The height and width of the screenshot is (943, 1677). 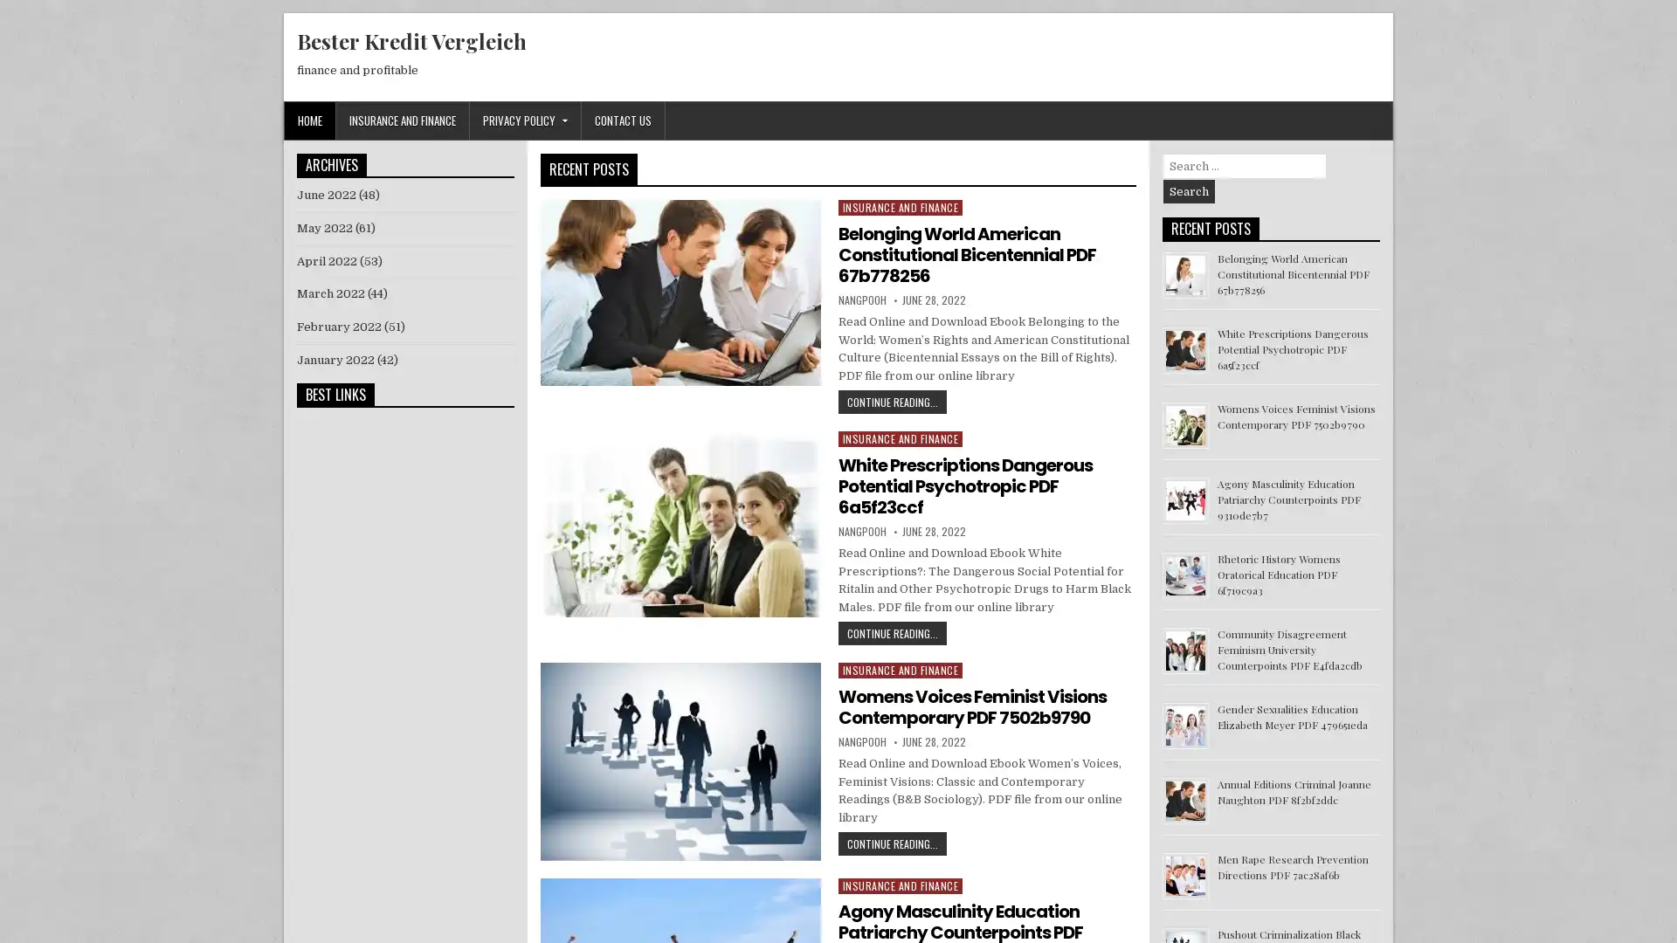 I want to click on Search, so click(x=1188, y=191).